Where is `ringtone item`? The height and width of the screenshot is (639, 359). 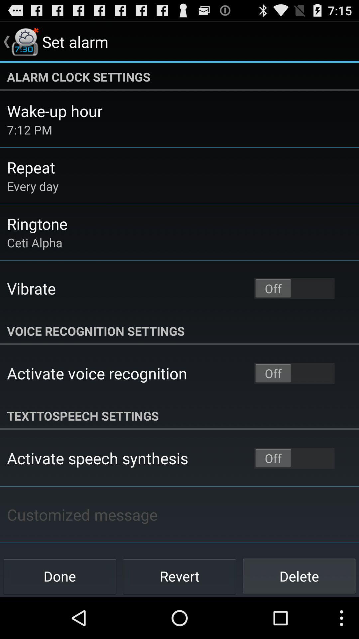 ringtone item is located at coordinates (37, 224).